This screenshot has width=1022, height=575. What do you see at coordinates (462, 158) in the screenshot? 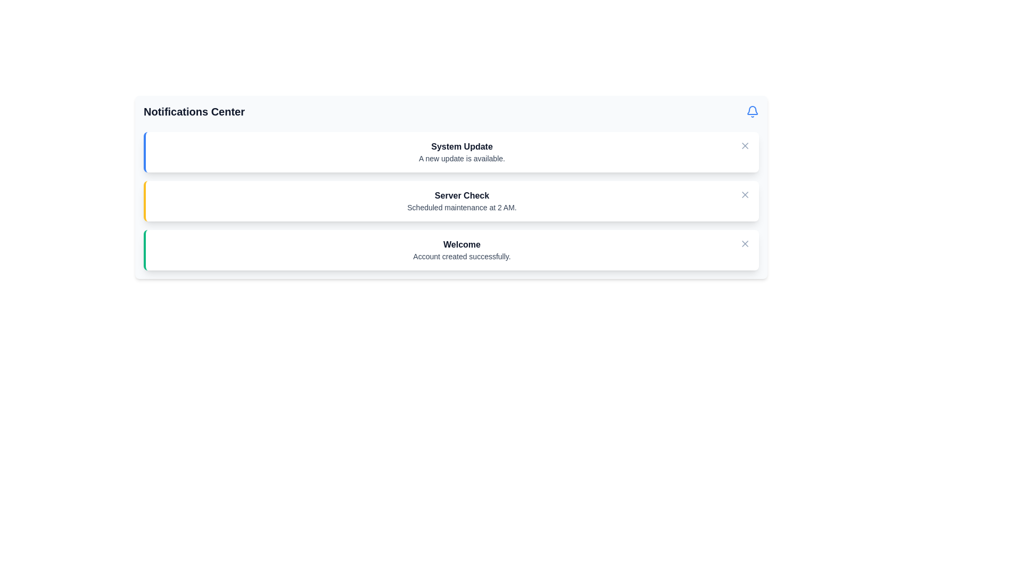
I see `the text label that reads 'A new update is available.' which is located beneath the 'System Update' header in the notification list` at bounding box center [462, 158].